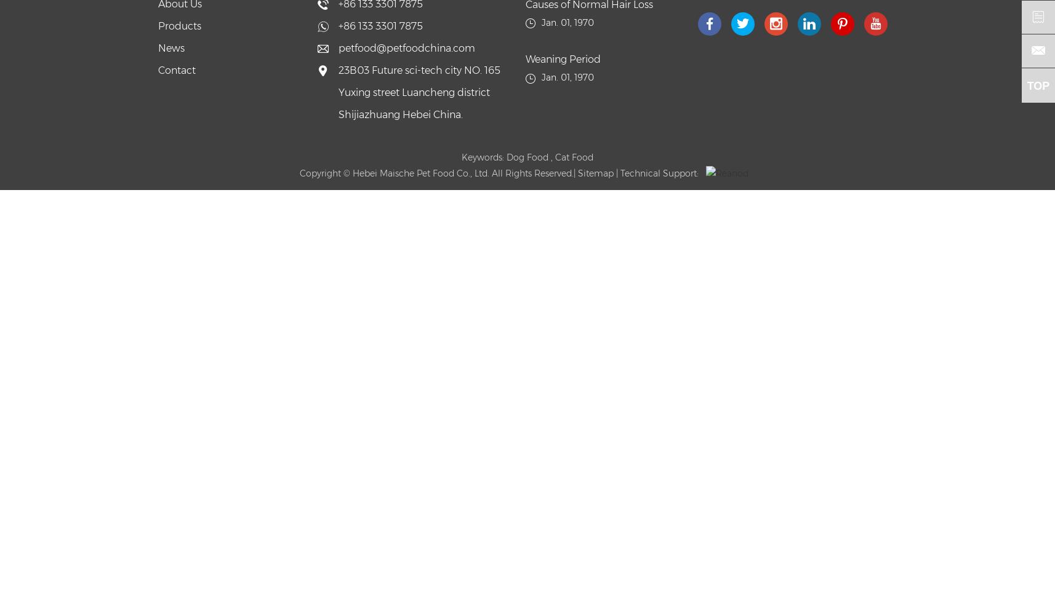  What do you see at coordinates (176, 69) in the screenshot?
I see `'Contact'` at bounding box center [176, 69].